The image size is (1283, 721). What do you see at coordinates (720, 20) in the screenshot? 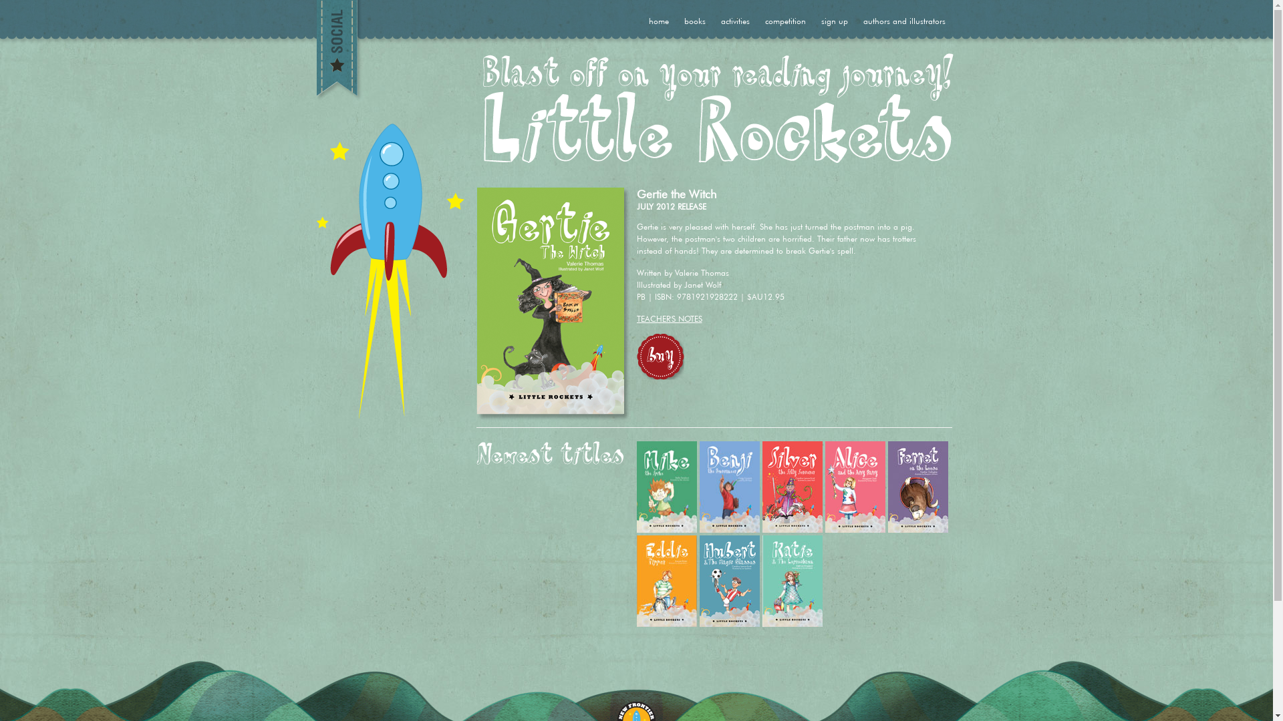
I see `'activities'` at bounding box center [720, 20].